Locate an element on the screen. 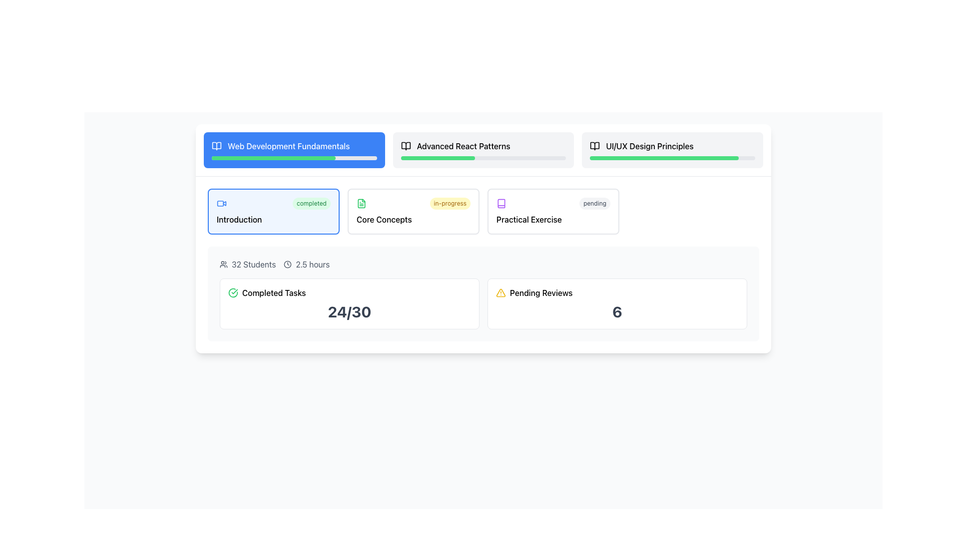 The height and width of the screenshot is (539, 959). text label indicating the name of the learning module or exercise, which is positioned below an icon and a 'pending' label within a bordered card structure is located at coordinates (553, 219).